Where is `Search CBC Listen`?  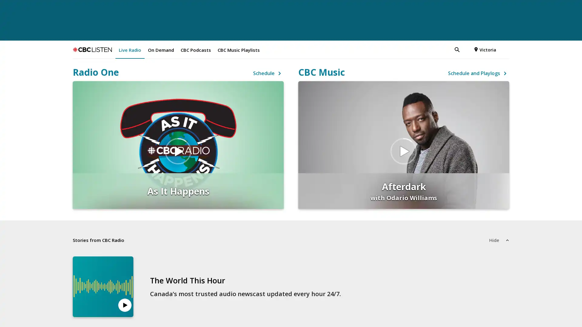 Search CBC Listen is located at coordinates (432, 22).